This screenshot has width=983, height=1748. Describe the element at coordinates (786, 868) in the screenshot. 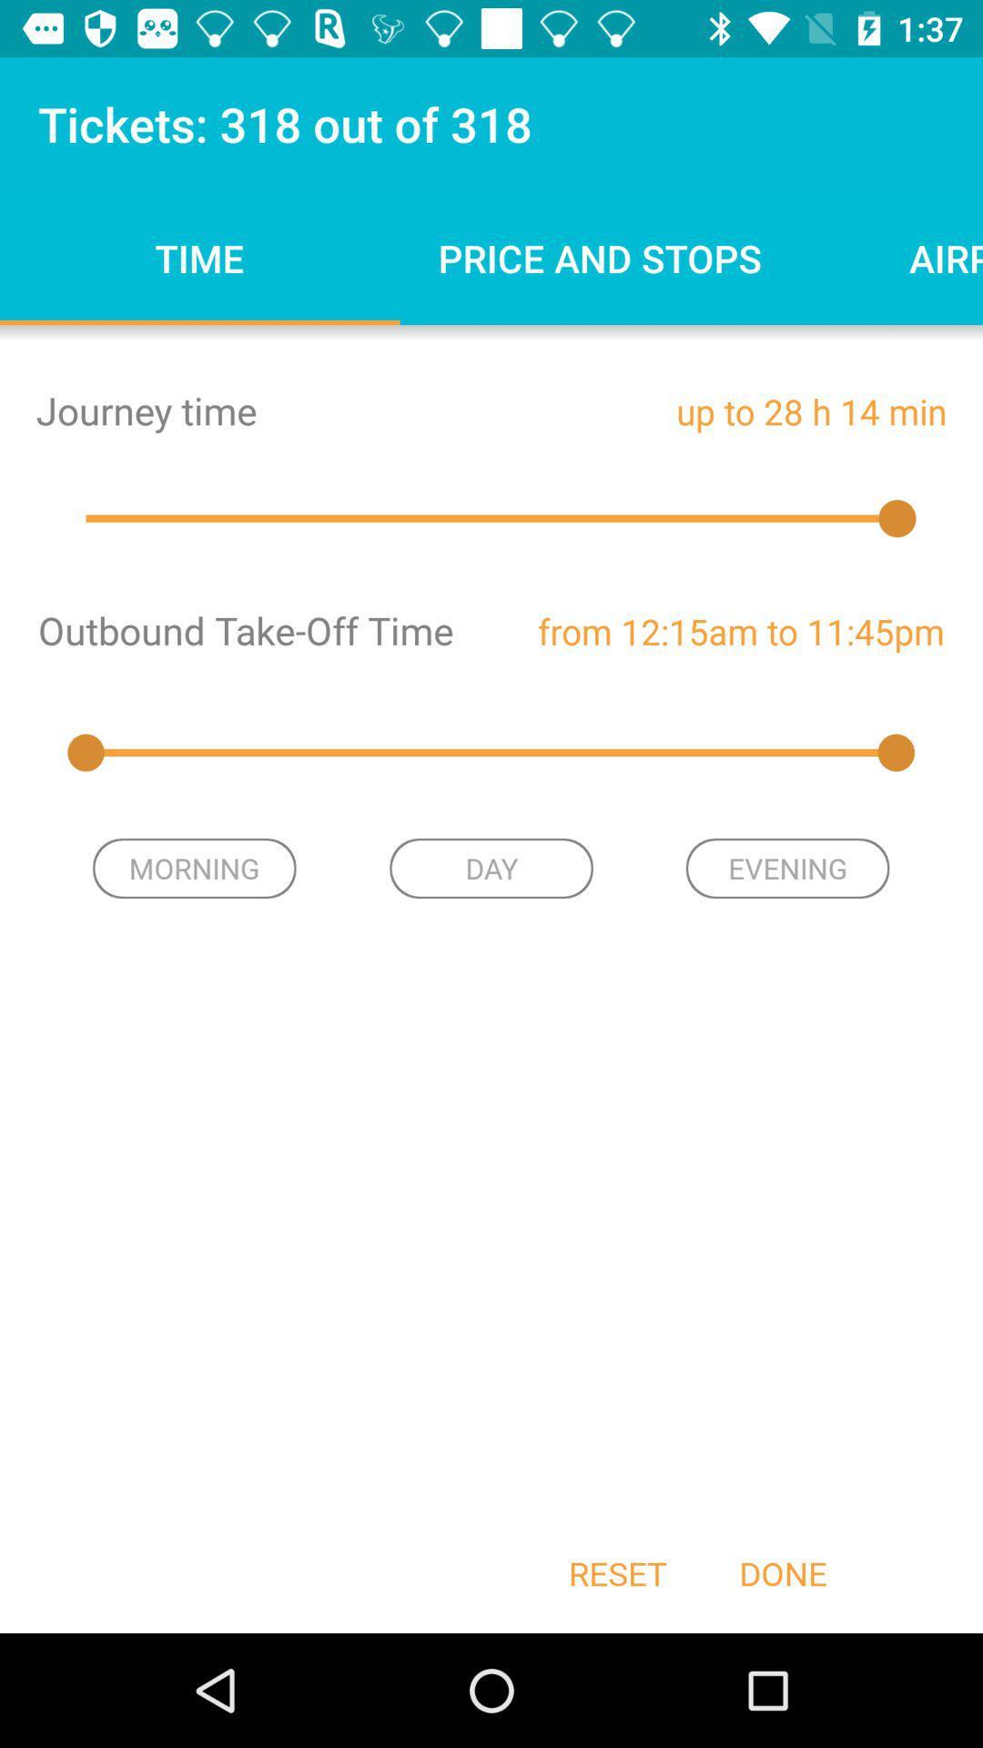

I see `item next to the day icon` at that location.